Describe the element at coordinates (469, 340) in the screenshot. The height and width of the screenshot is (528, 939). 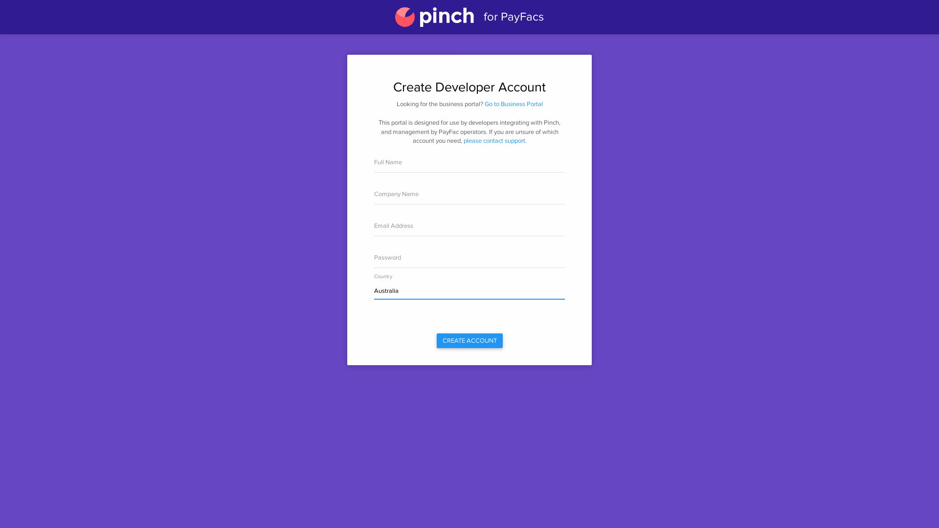
I see `'CREATE ACCOUNT'` at that location.